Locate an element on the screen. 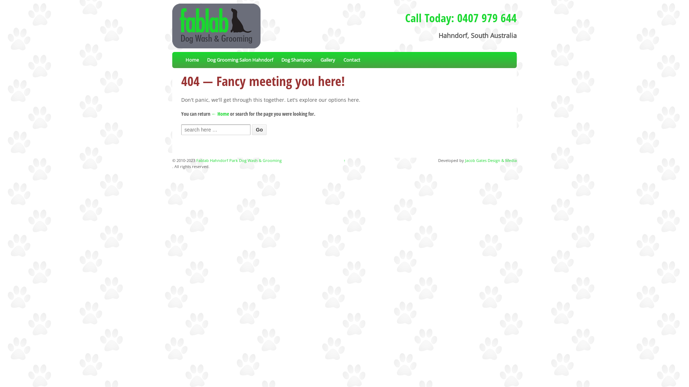 This screenshot has width=689, height=387. 'Go' is located at coordinates (259, 130).